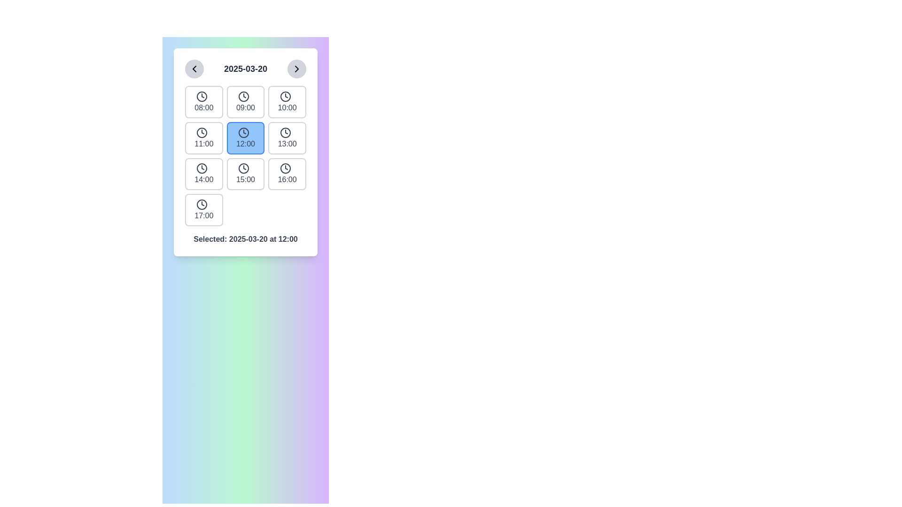  Describe the element at coordinates (203, 138) in the screenshot. I see `the selectable time slot button for '11:00' located in the second row and first column of the grid layout` at that location.